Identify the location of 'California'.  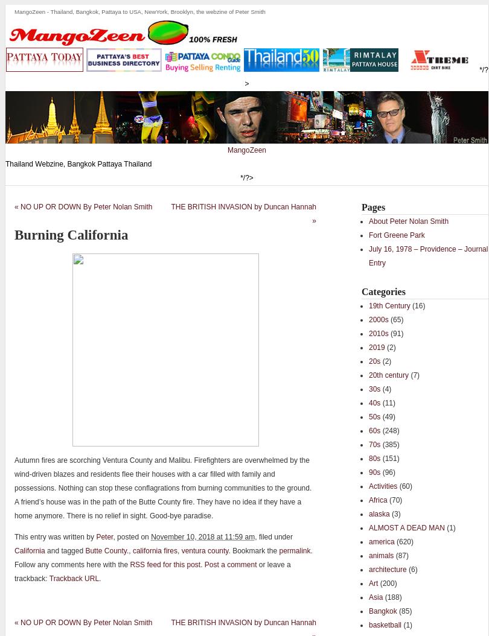
(14, 550).